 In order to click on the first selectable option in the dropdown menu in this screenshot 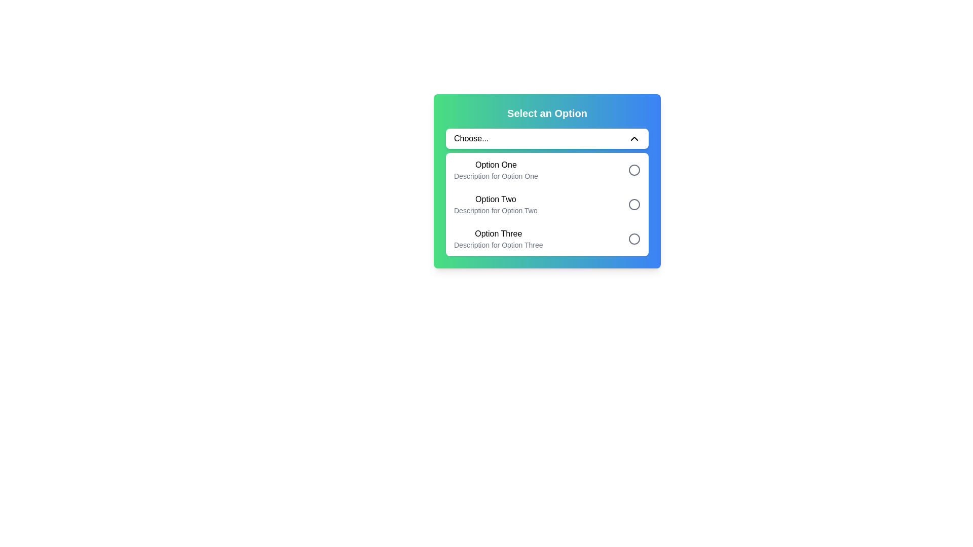, I will do `click(496, 169)`.